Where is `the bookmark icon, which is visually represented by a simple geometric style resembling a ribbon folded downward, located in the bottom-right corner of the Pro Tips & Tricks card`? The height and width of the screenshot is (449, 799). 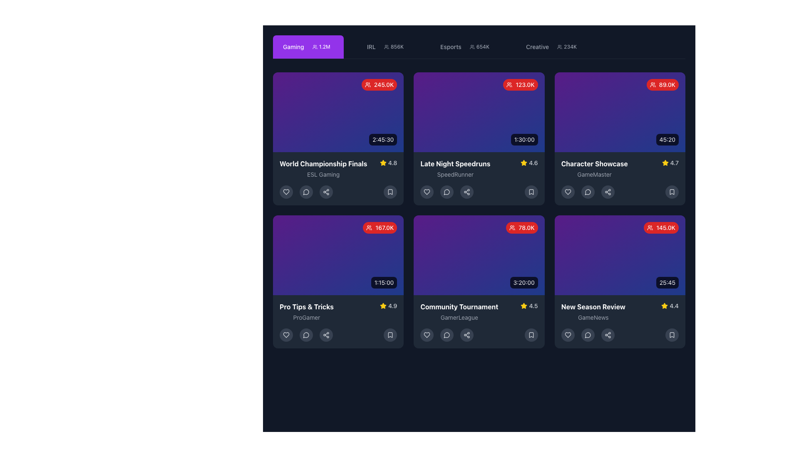 the bookmark icon, which is visually represented by a simple geometric style resembling a ribbon folded downward, located in the bottom-right corner of the Pro Tips & Tricks card is located at coordinates (390, 335).